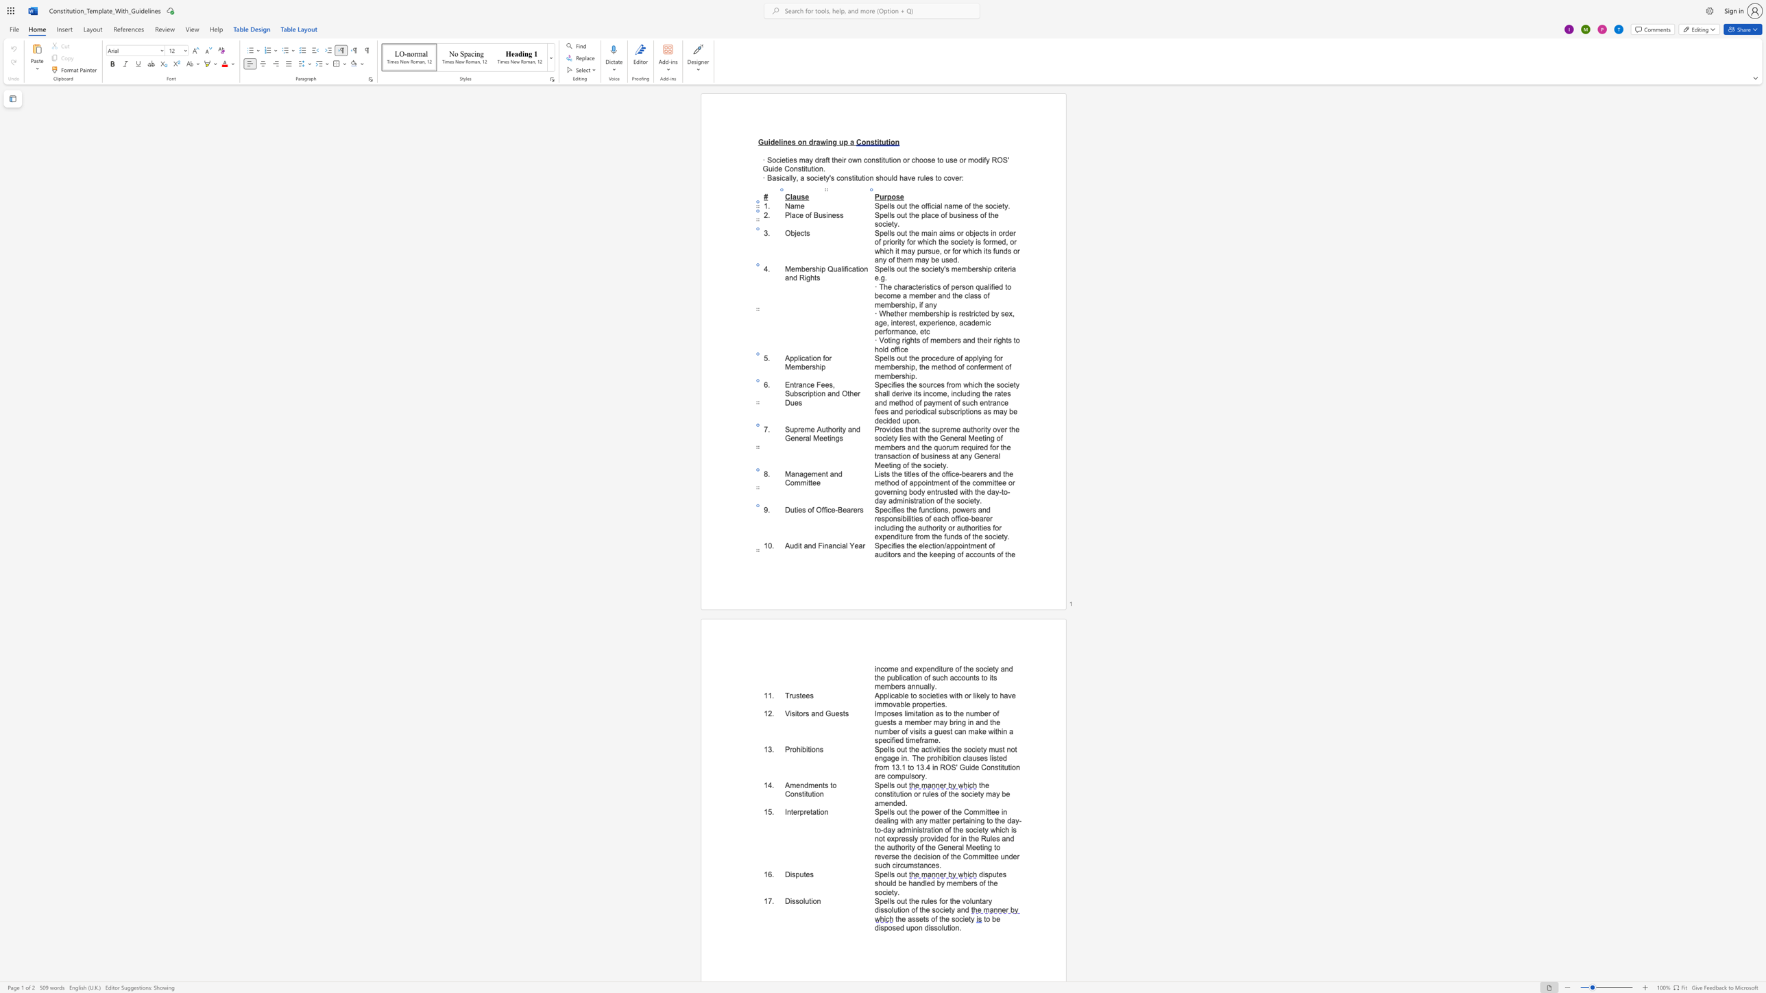  What do you see at coordinates (886, 731) in the screenshot?
I see `the 7th character "m" in the text` at bounding box center [886, 731].